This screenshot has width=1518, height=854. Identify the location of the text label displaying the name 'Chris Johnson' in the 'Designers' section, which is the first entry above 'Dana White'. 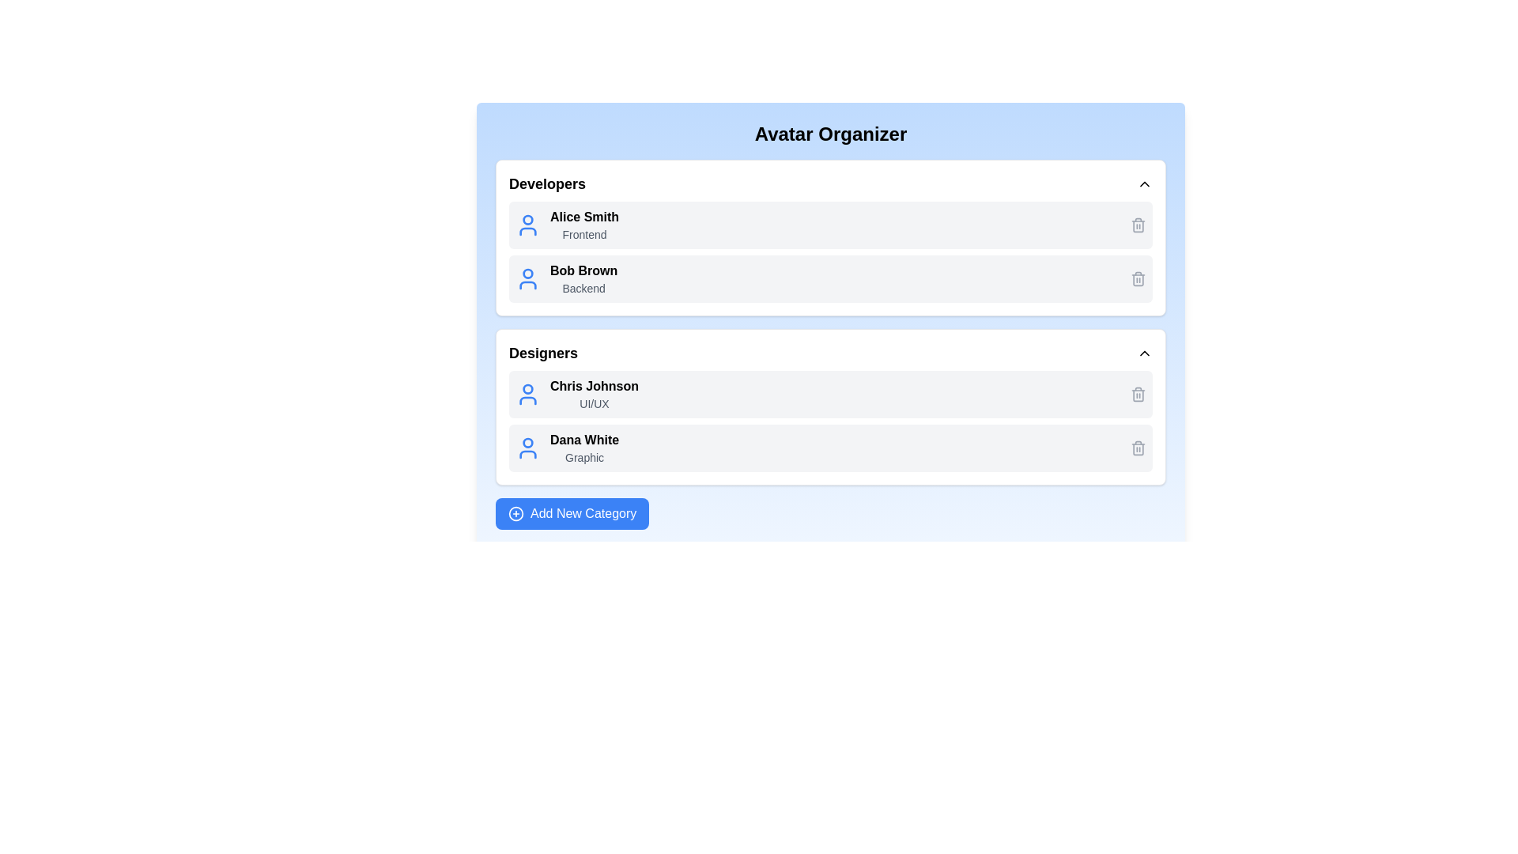
(594, 387).